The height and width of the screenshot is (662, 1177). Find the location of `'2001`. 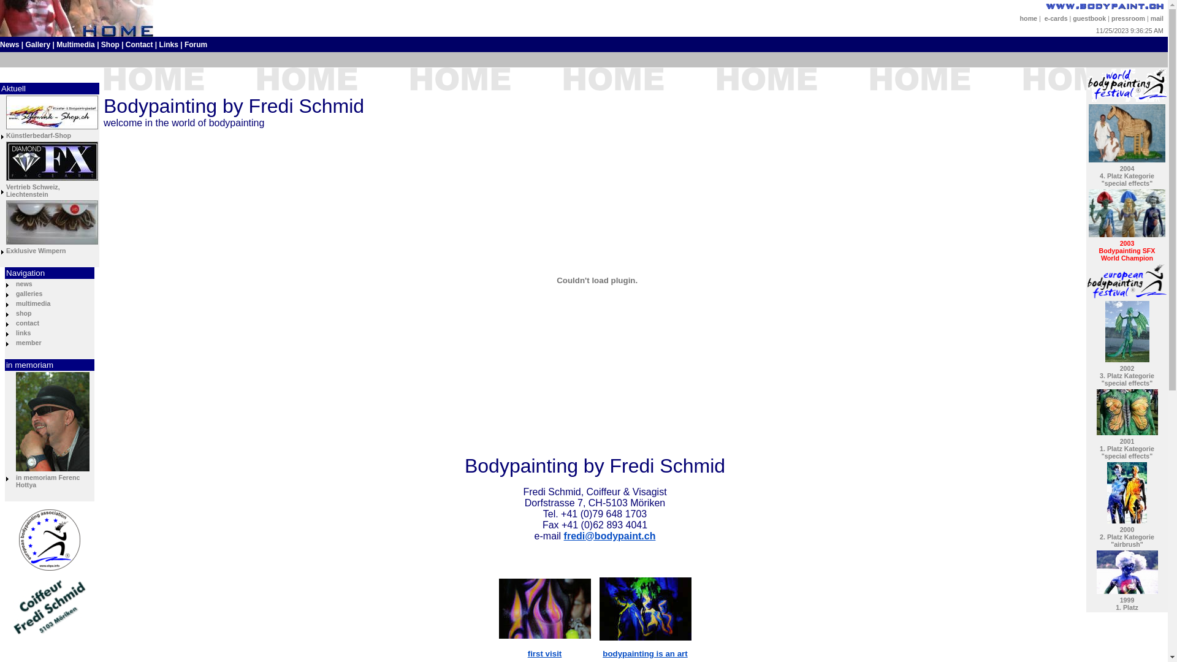

'2001 is located at coordinates (1127, 449).